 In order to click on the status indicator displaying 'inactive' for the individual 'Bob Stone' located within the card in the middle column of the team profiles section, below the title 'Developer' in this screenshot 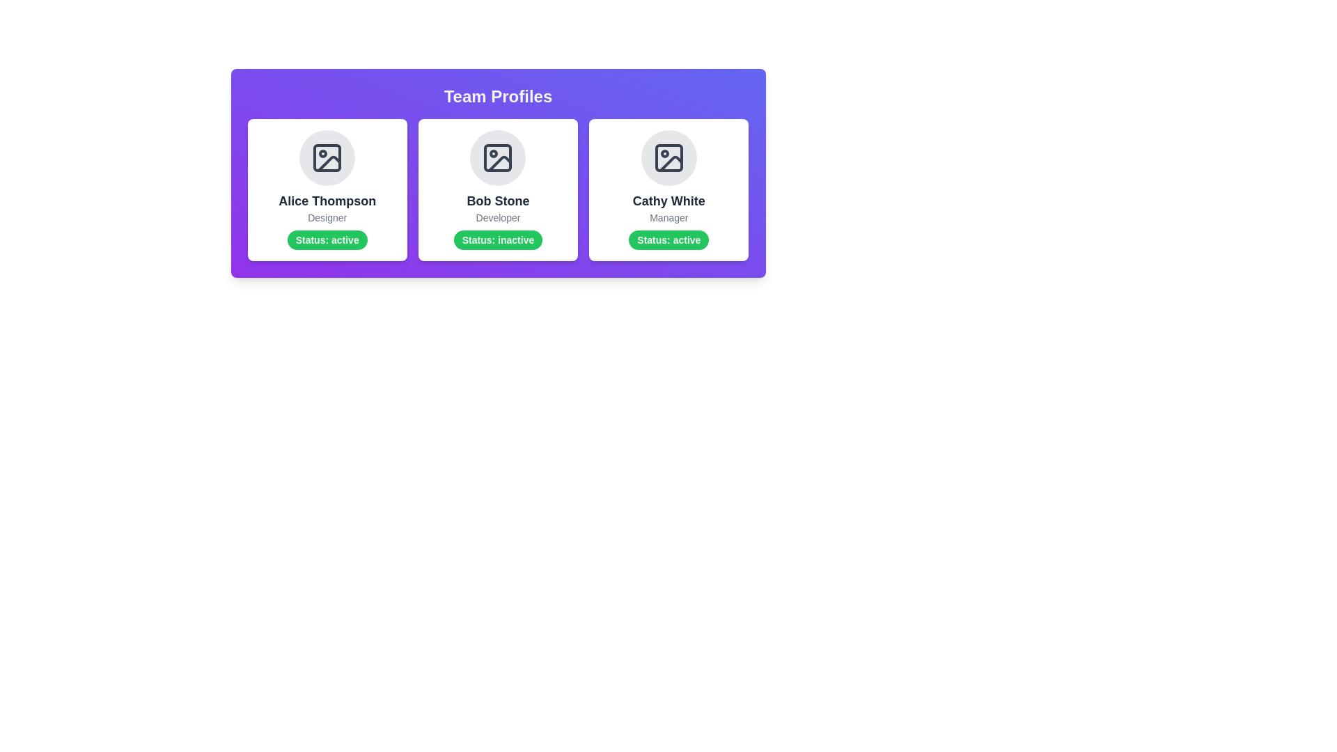, I will do `click(498, 239)`.